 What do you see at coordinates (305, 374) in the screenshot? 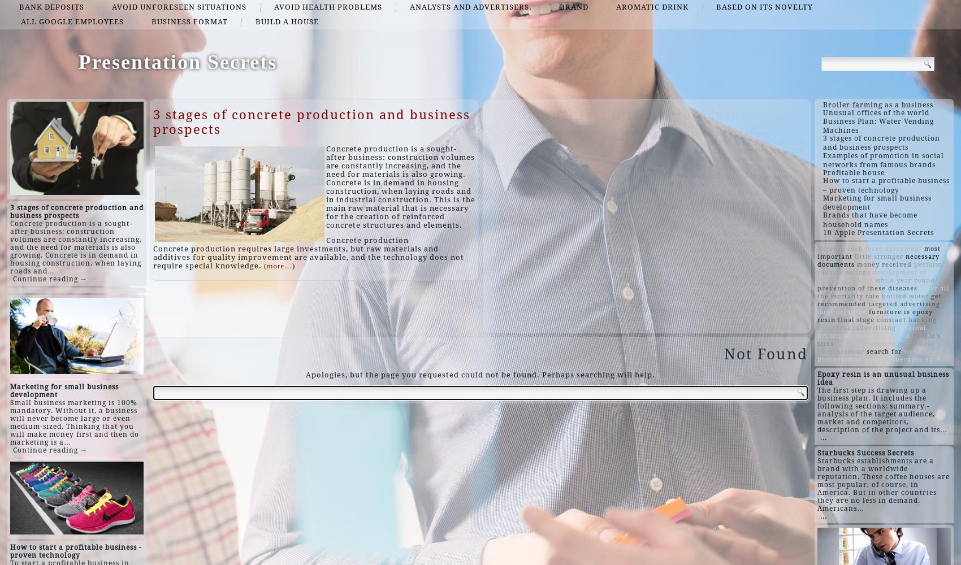
I see `'Apologies, but the page you requested could not be found. Perhaps searching will help.'` at bounding box center [305, 374].